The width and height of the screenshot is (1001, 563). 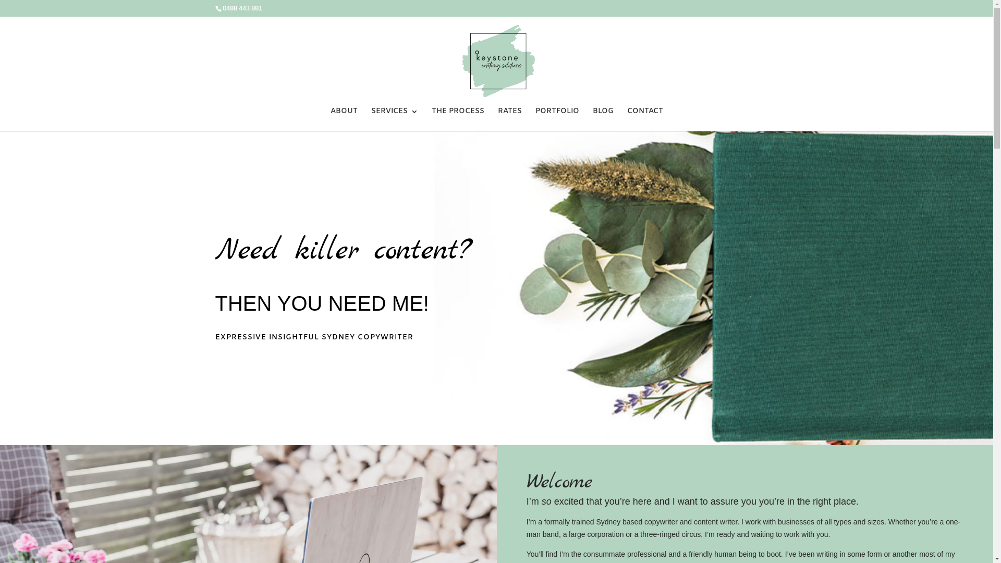 What do you see at coordinates (509, 119) in the screenshot?
I see `'RATES'` at bounding box center [509, 119].